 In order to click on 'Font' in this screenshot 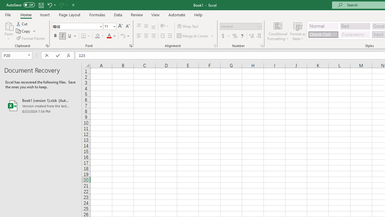, I will do `click(75, 26)`.